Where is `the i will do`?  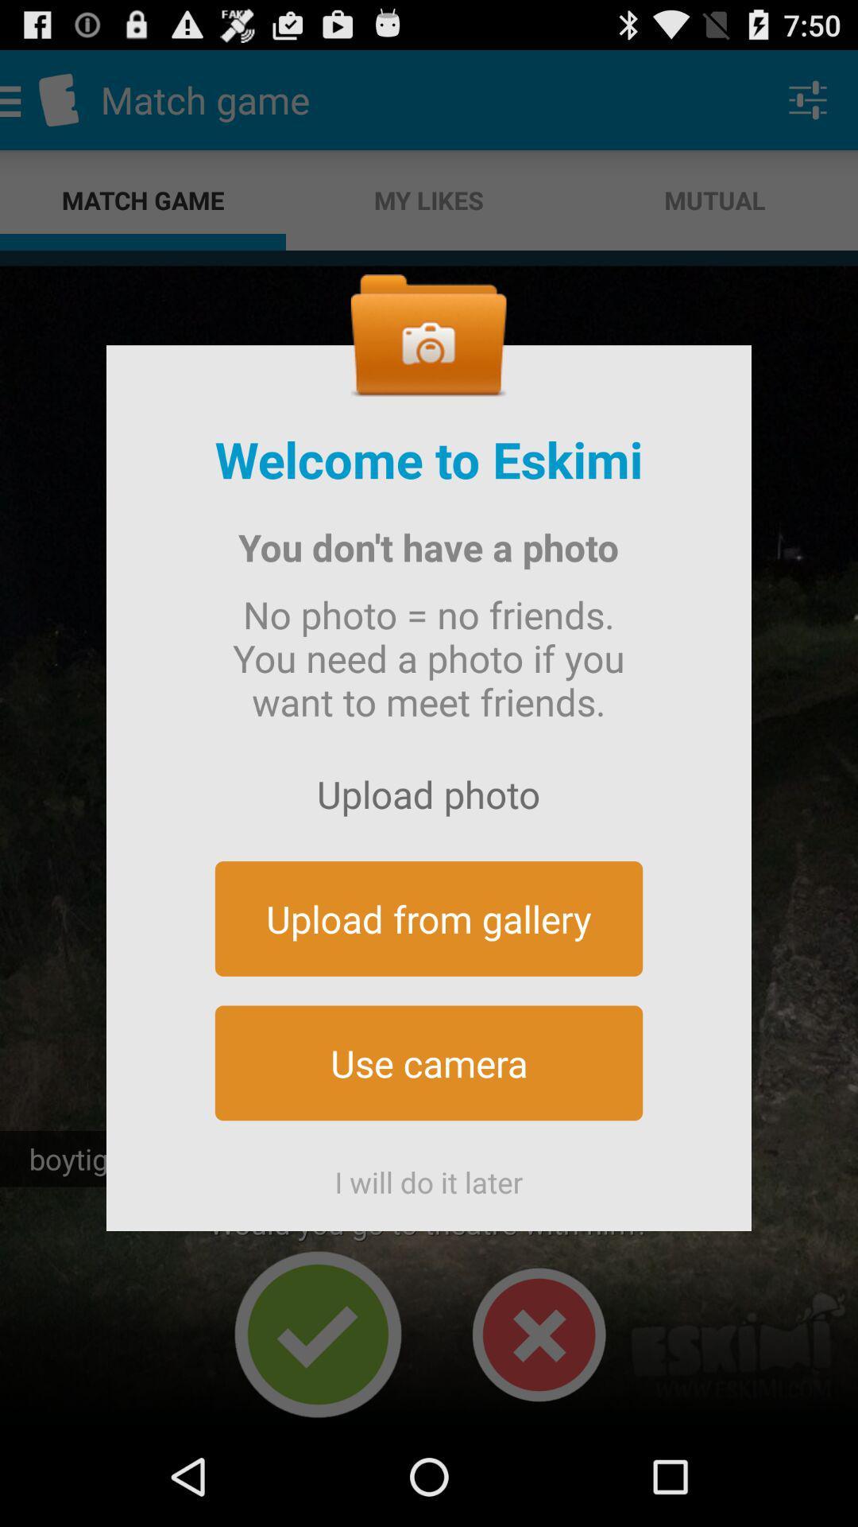 the i will do is located at coordinates (429, 1175).